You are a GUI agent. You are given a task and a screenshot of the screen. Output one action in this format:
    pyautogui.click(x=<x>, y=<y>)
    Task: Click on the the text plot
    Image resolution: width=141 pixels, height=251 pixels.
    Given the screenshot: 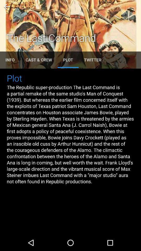 What is the action you would take?
    pyautogui.click(x=68, y=60)
    